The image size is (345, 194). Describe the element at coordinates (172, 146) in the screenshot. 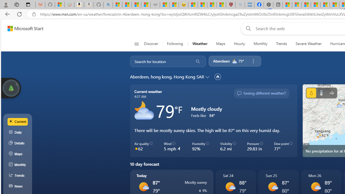

I see `'Wind 5 mph'` at that location.